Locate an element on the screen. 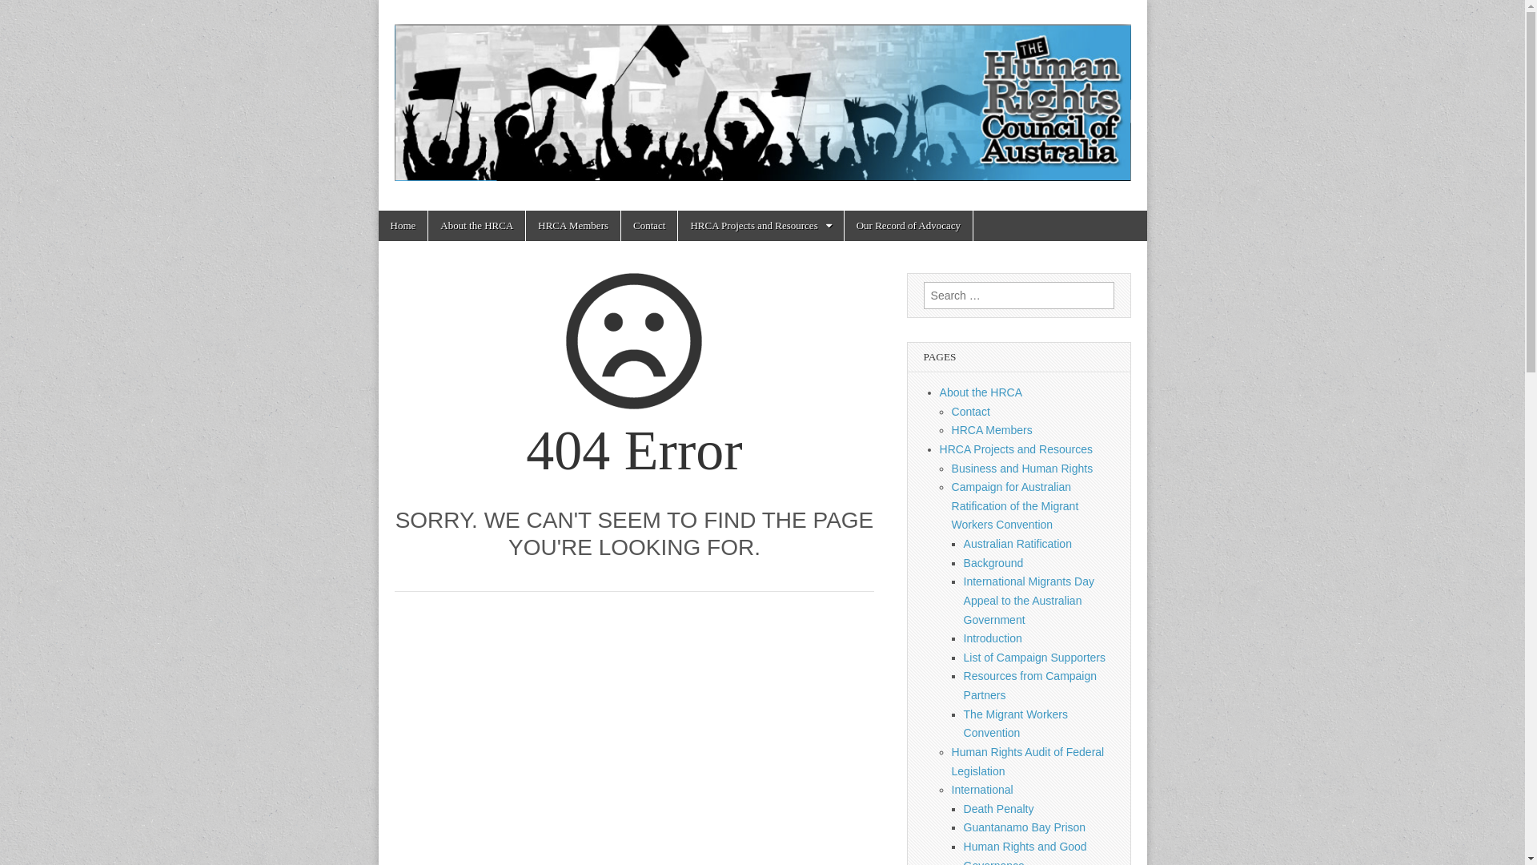 The image size is (1537, 865). 'Skip to content' is located at coordinates (377, 209).